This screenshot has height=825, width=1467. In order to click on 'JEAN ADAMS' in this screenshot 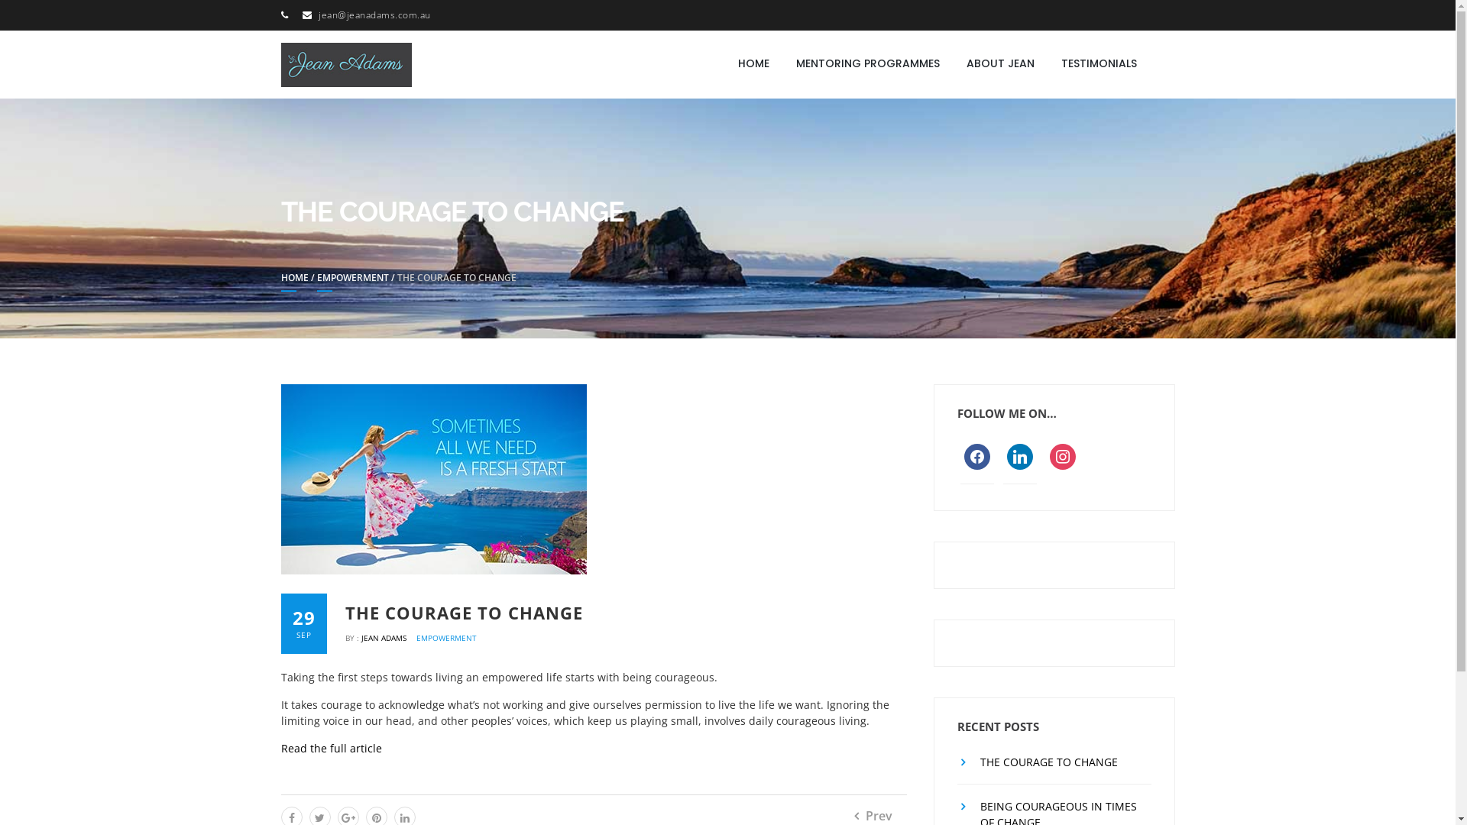, I will do `click(385, 637)`.